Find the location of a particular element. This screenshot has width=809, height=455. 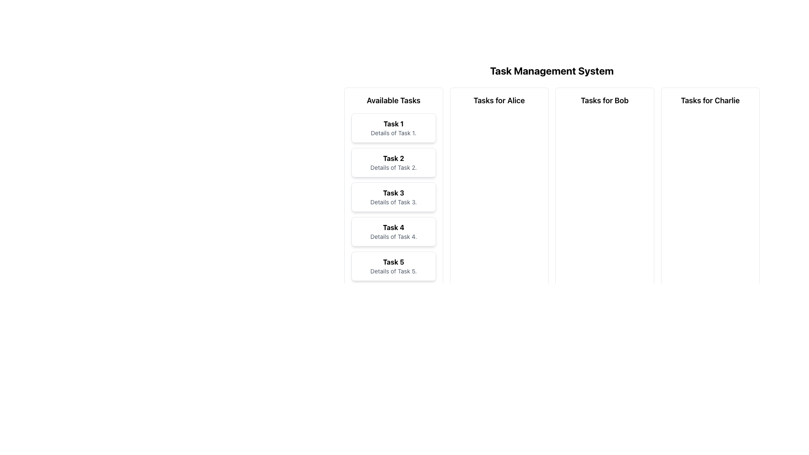

the text label that reads 'Details of Task 3.' which is styled in gray and positioned below the 'Task 3' heading within the task card is located at coordinates (393, 202).